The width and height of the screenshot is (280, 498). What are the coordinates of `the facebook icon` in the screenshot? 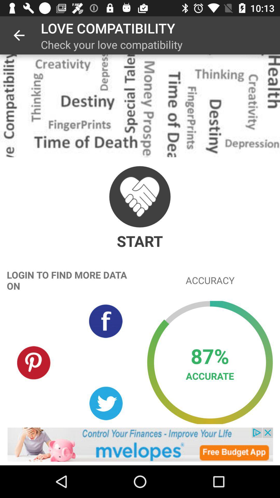 It's located at (106, 321).